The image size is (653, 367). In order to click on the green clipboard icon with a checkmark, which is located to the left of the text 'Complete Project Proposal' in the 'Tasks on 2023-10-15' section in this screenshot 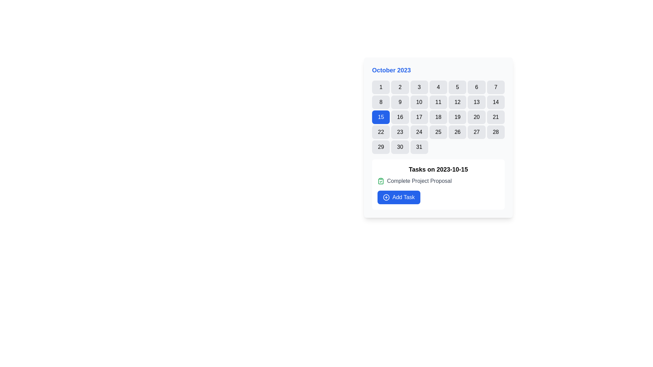, I will do `click(380, 180)`.